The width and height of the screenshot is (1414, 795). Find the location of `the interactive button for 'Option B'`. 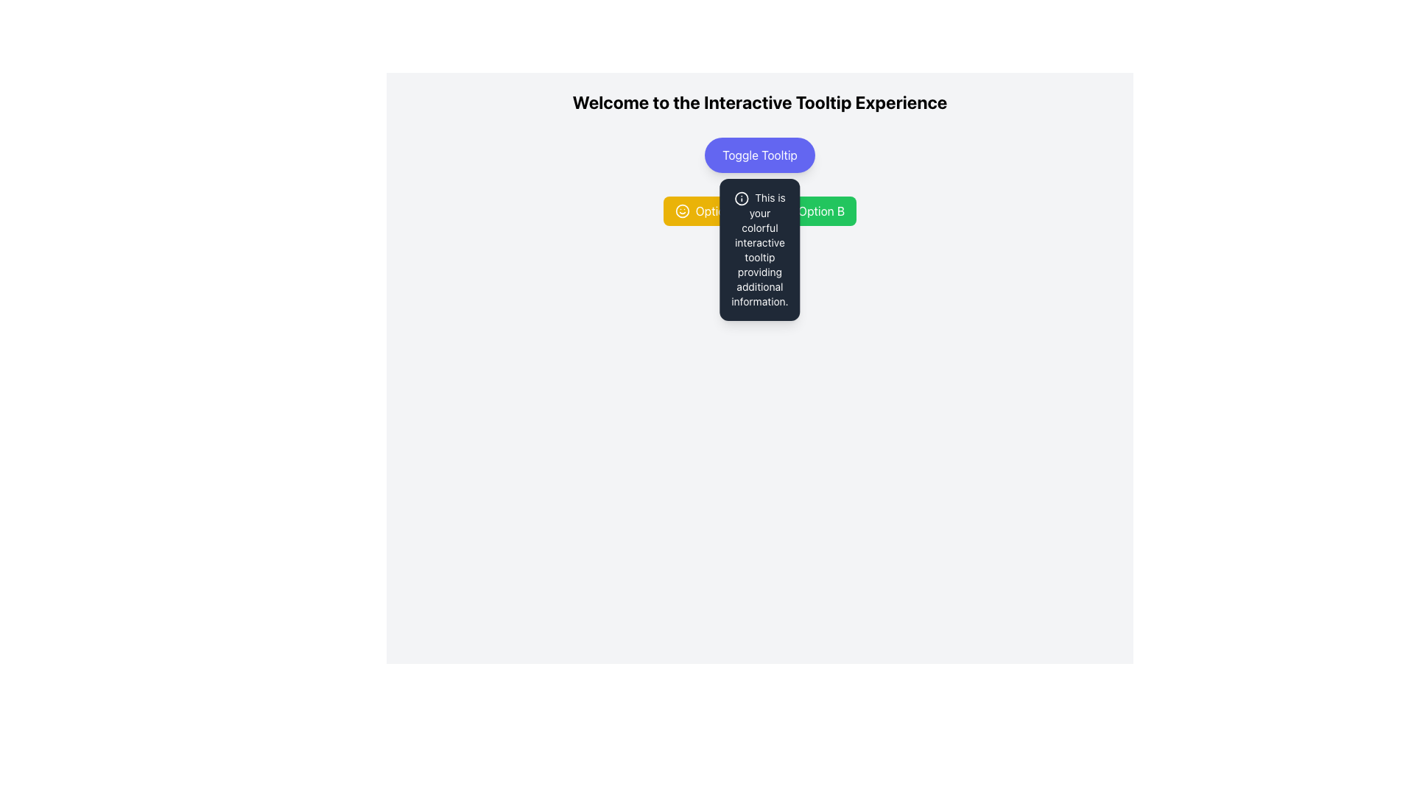

the interactive button for 'Option B' is located at coordinates (810, 211).